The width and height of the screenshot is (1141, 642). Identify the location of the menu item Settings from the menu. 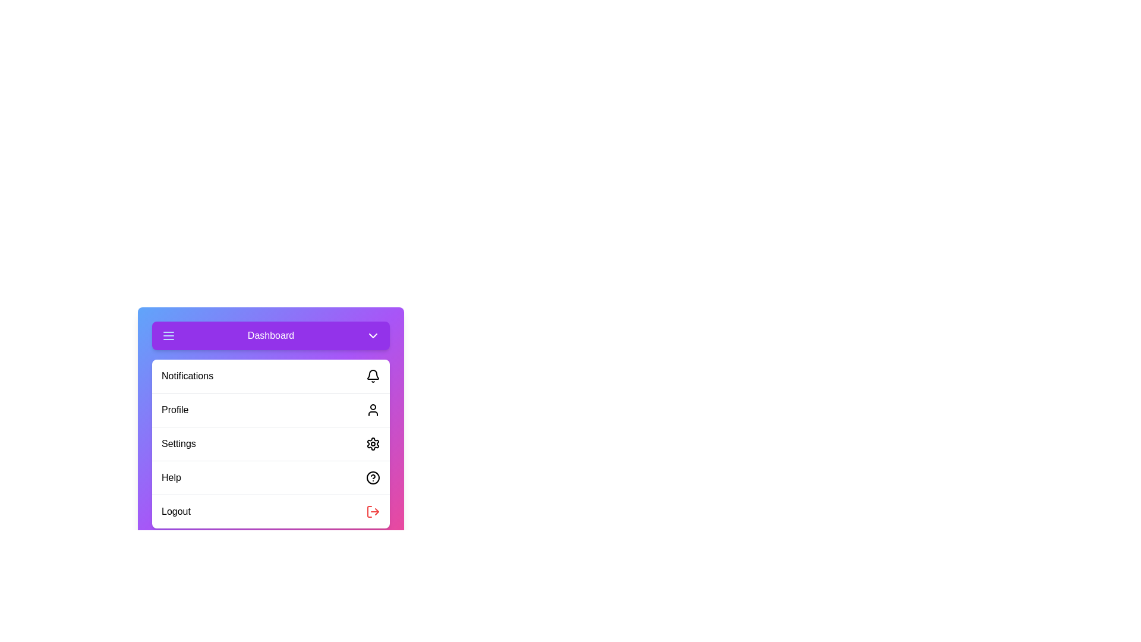
(270, 443).